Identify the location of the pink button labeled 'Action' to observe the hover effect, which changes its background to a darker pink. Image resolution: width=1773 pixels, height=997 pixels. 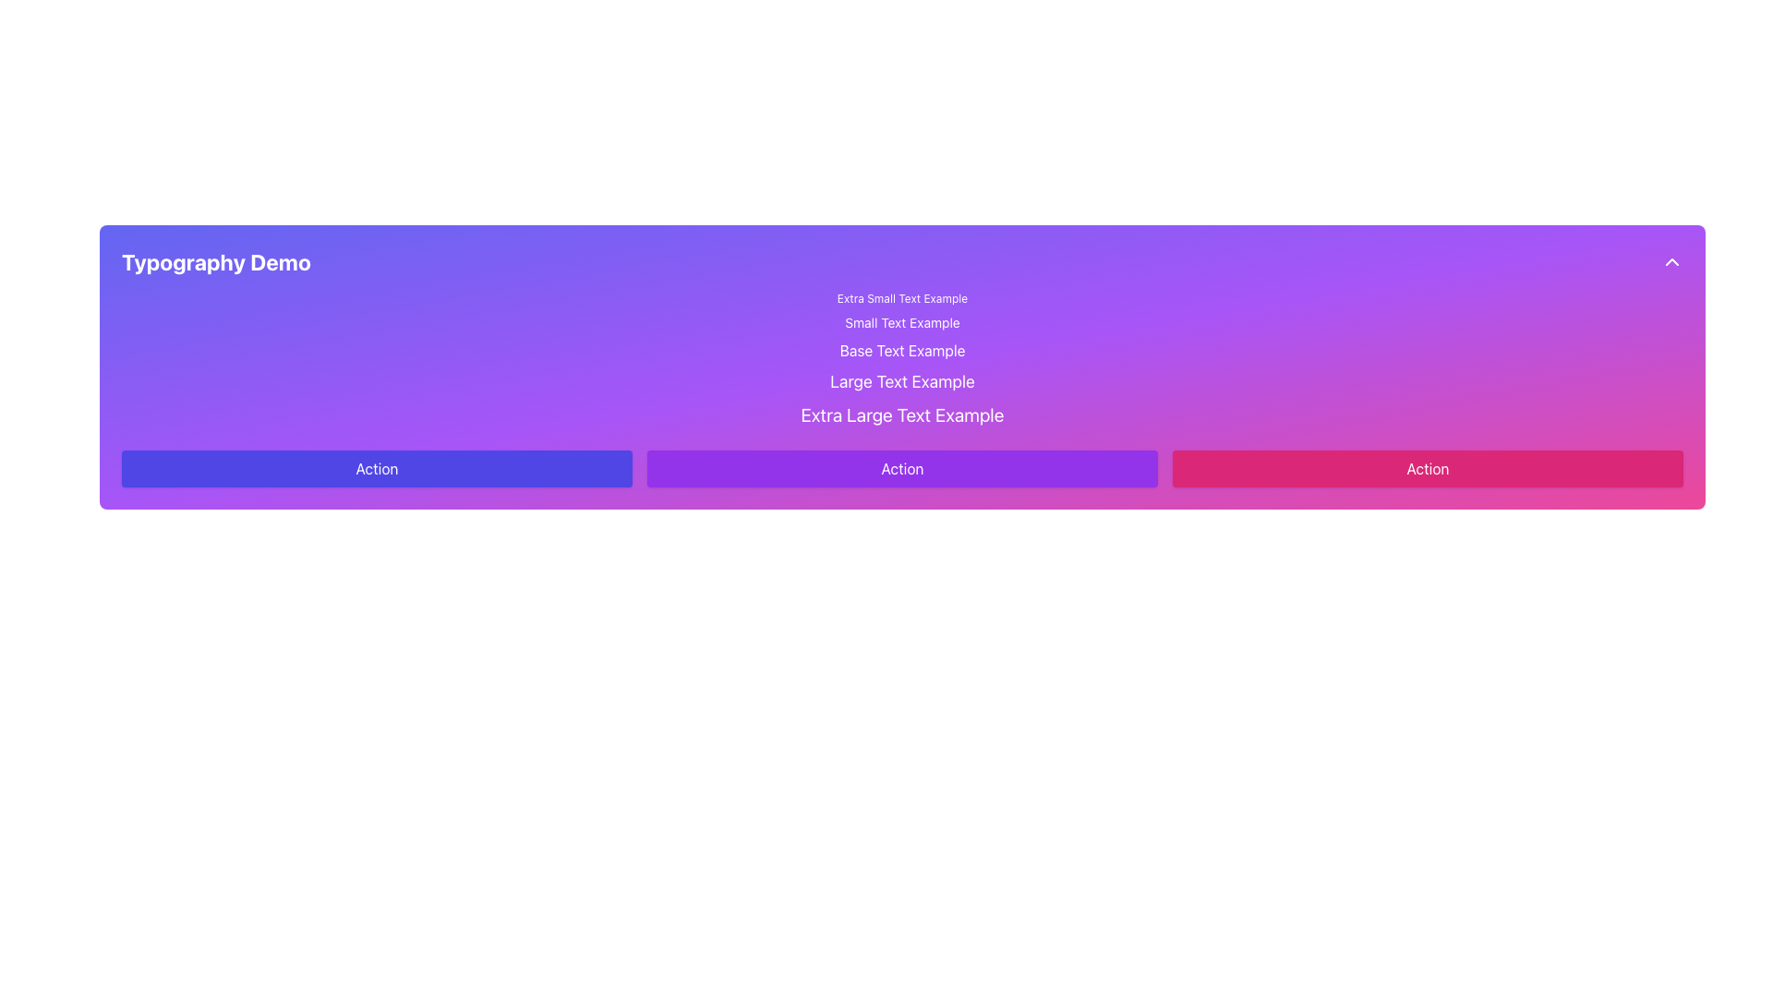
(1427, 468).